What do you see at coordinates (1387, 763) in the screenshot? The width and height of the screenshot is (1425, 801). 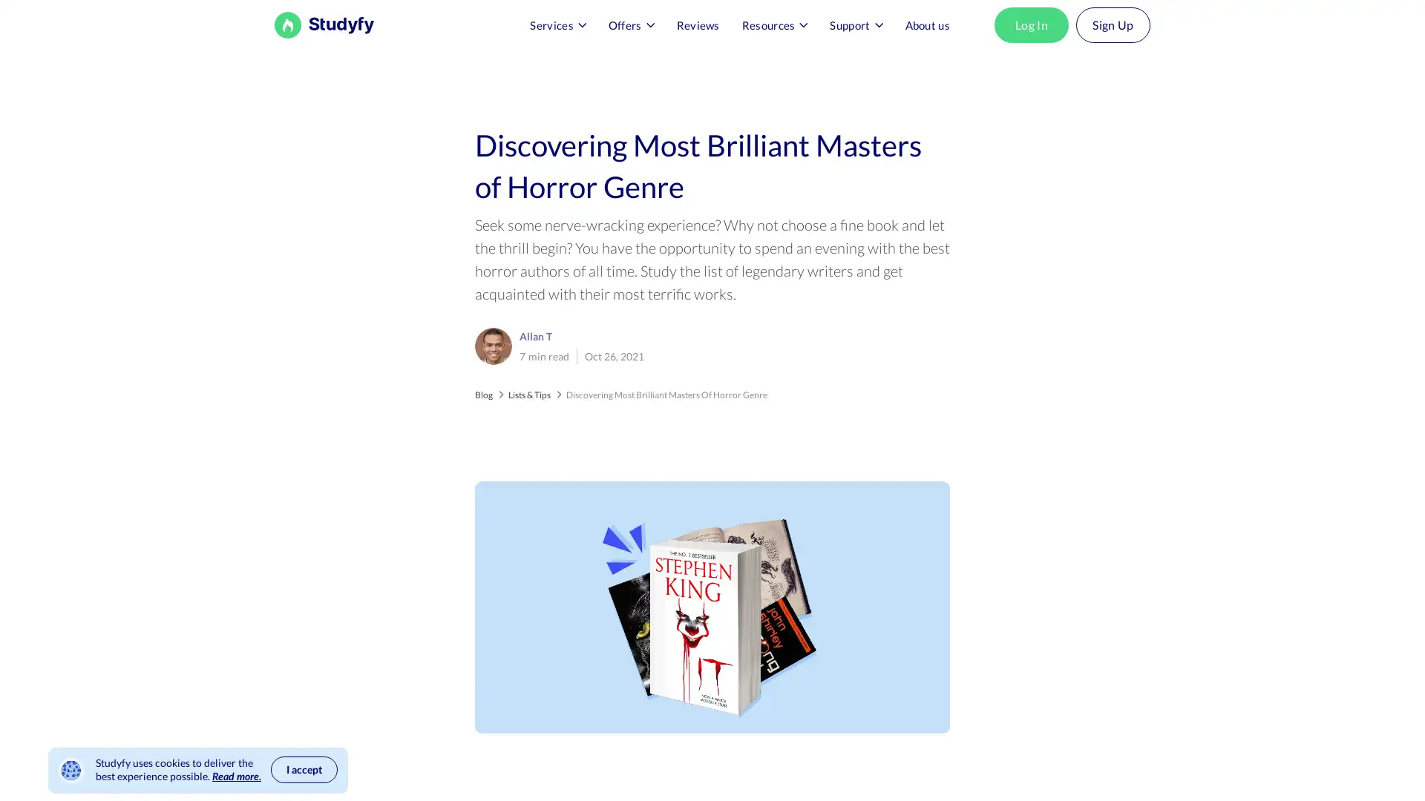 I see `Open Intercom Messenger` at bounding box center [1387, 763].